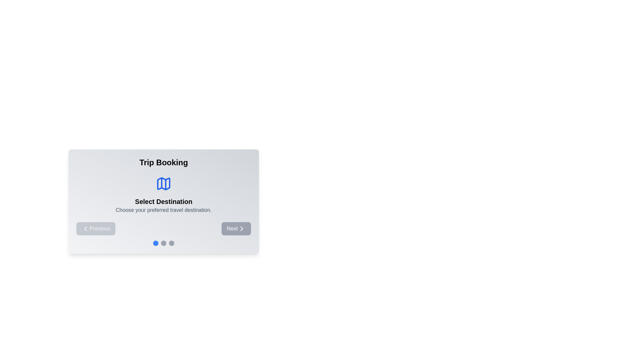  What do you see at coordinates (163, 210) in the screenshot?
I see `the text element that says 'Choose your preferred travel destination.' which is centrally aligned below the 'Select Destination' header` at bounding box center [163, 210].